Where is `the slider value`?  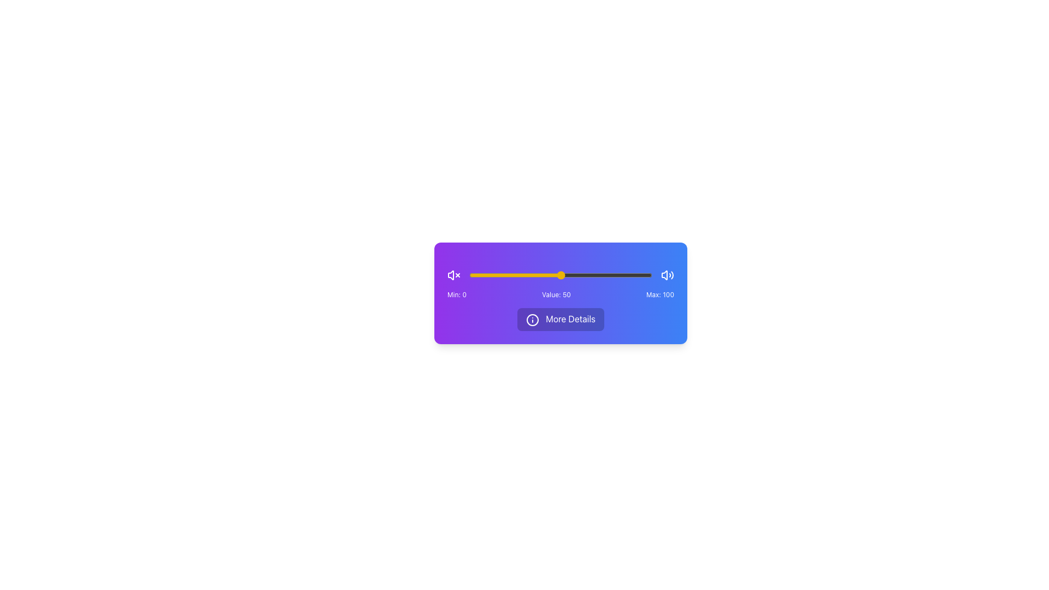
the slider value is located at coordinates (485, 275).